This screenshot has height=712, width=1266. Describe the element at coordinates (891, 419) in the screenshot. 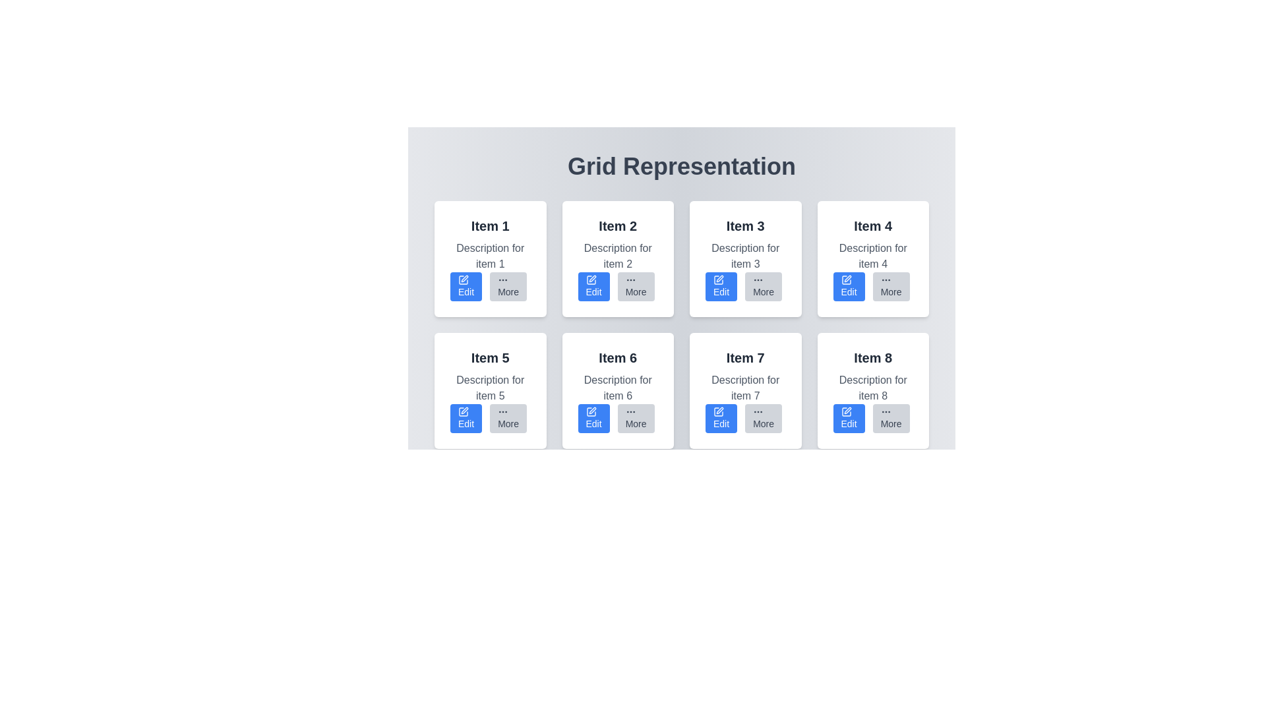

I see `the button located at the bottom-right corner of the 'Item 8' card to interact with it` at that location.